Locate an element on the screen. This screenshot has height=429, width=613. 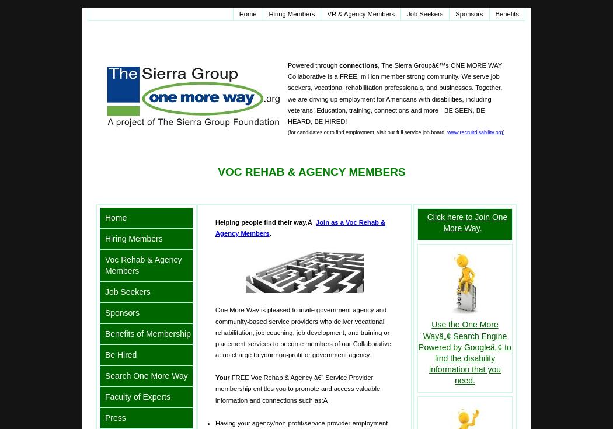
'Helping people find their way.Â' is located at coordinates (265, 221).